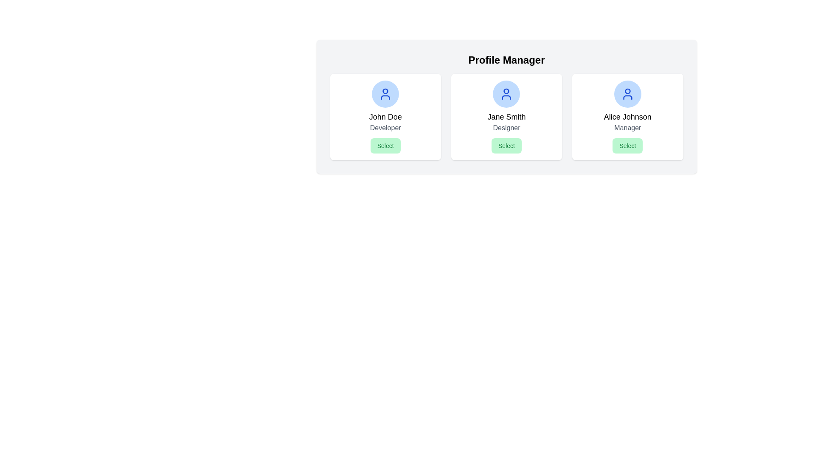 This screenshot has height=458, width=815. I want to click on displayed name 'John Doe' from the text label element located in the upper-middle of the first card, which is visually aligned below a user icon and above the role description 'Developer', so click(385, 117).